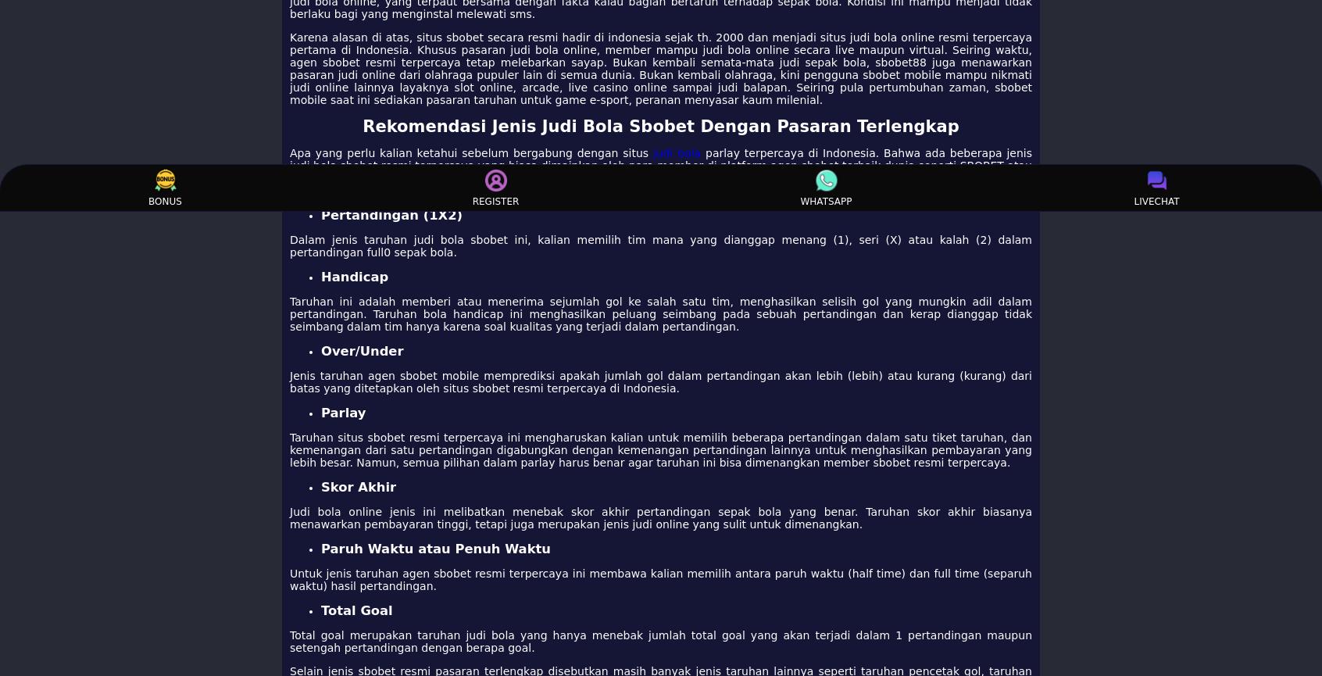 The image size is (1322, 676). I want to click on 'WHATSAPP', so click(824, 201).